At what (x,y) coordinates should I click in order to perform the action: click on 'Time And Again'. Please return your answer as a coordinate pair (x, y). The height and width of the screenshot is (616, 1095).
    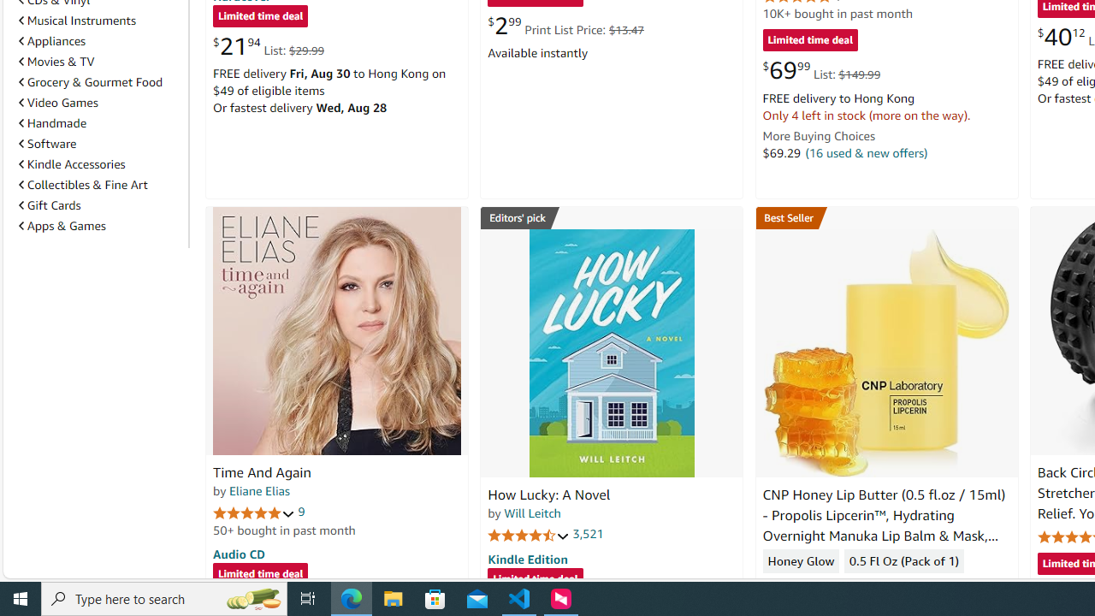
    Looking at the image, I should click on (337, 330).